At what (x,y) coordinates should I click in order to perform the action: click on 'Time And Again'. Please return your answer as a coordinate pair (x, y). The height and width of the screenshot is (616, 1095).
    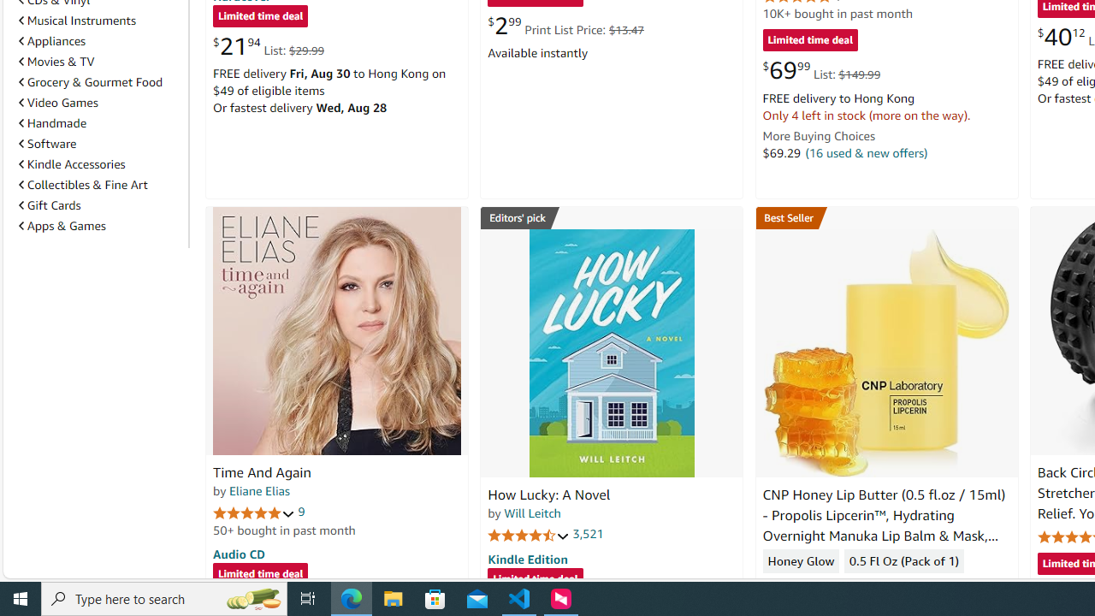
    Looking at the image, I should click on (337, 330).